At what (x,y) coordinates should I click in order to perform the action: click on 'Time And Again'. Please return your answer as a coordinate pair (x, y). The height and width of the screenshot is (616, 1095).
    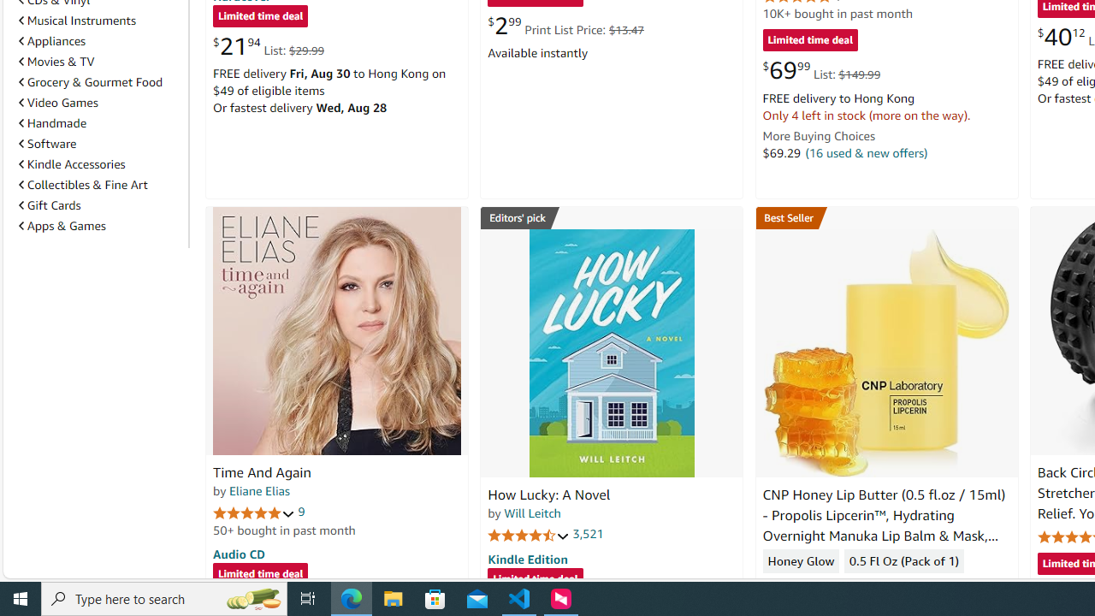
    Looking at the image, I should click on (337, 330).